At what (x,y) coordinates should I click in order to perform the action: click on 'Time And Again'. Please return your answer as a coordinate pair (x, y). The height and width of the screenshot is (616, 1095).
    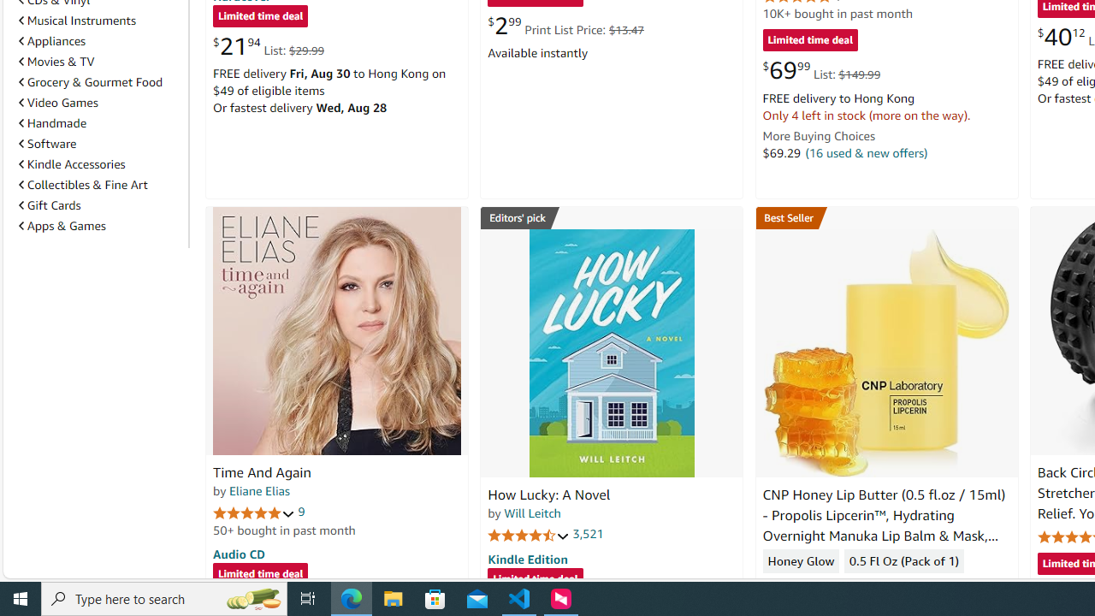
    Looking at the image, I should click on (337, 330).